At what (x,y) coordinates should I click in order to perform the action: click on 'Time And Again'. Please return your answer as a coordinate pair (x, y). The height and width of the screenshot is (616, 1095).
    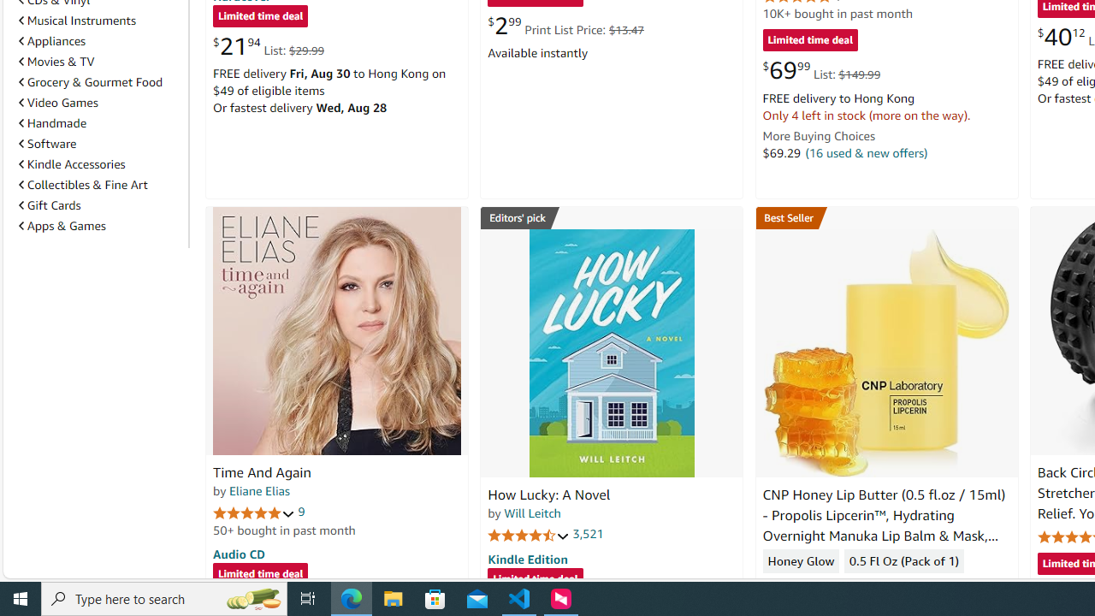
    Looking at the image, I should click on (337, 330).